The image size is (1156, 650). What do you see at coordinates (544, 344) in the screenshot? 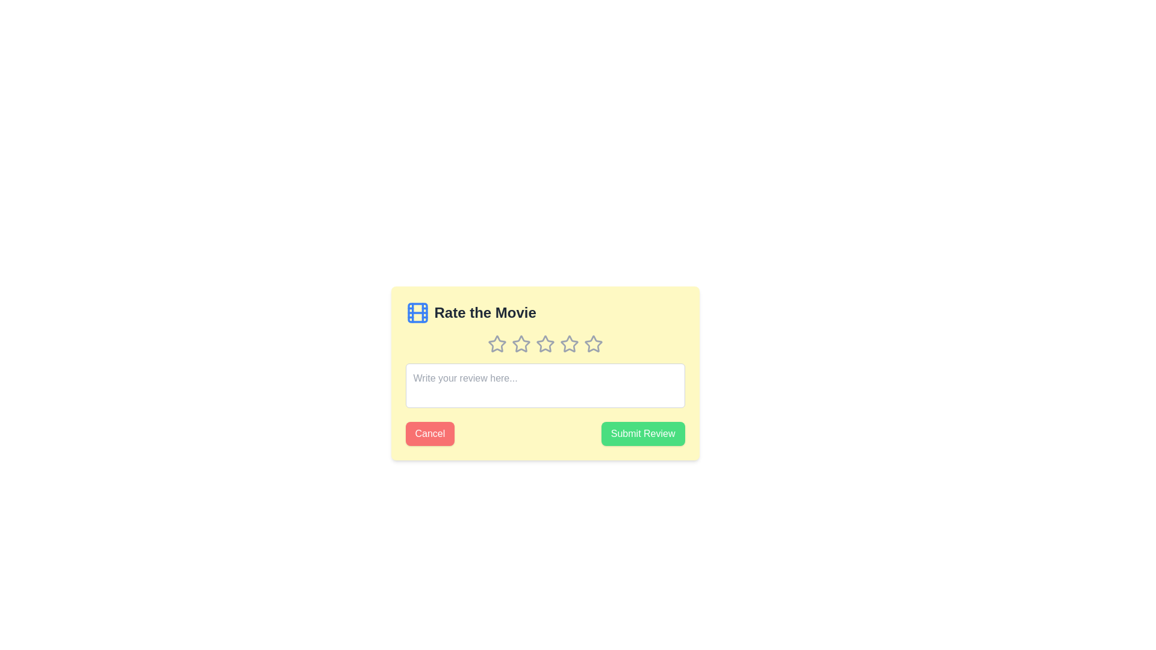
I see `the third star-shaped rating icon in the movie rating interface` at bounding box center [544, 344].